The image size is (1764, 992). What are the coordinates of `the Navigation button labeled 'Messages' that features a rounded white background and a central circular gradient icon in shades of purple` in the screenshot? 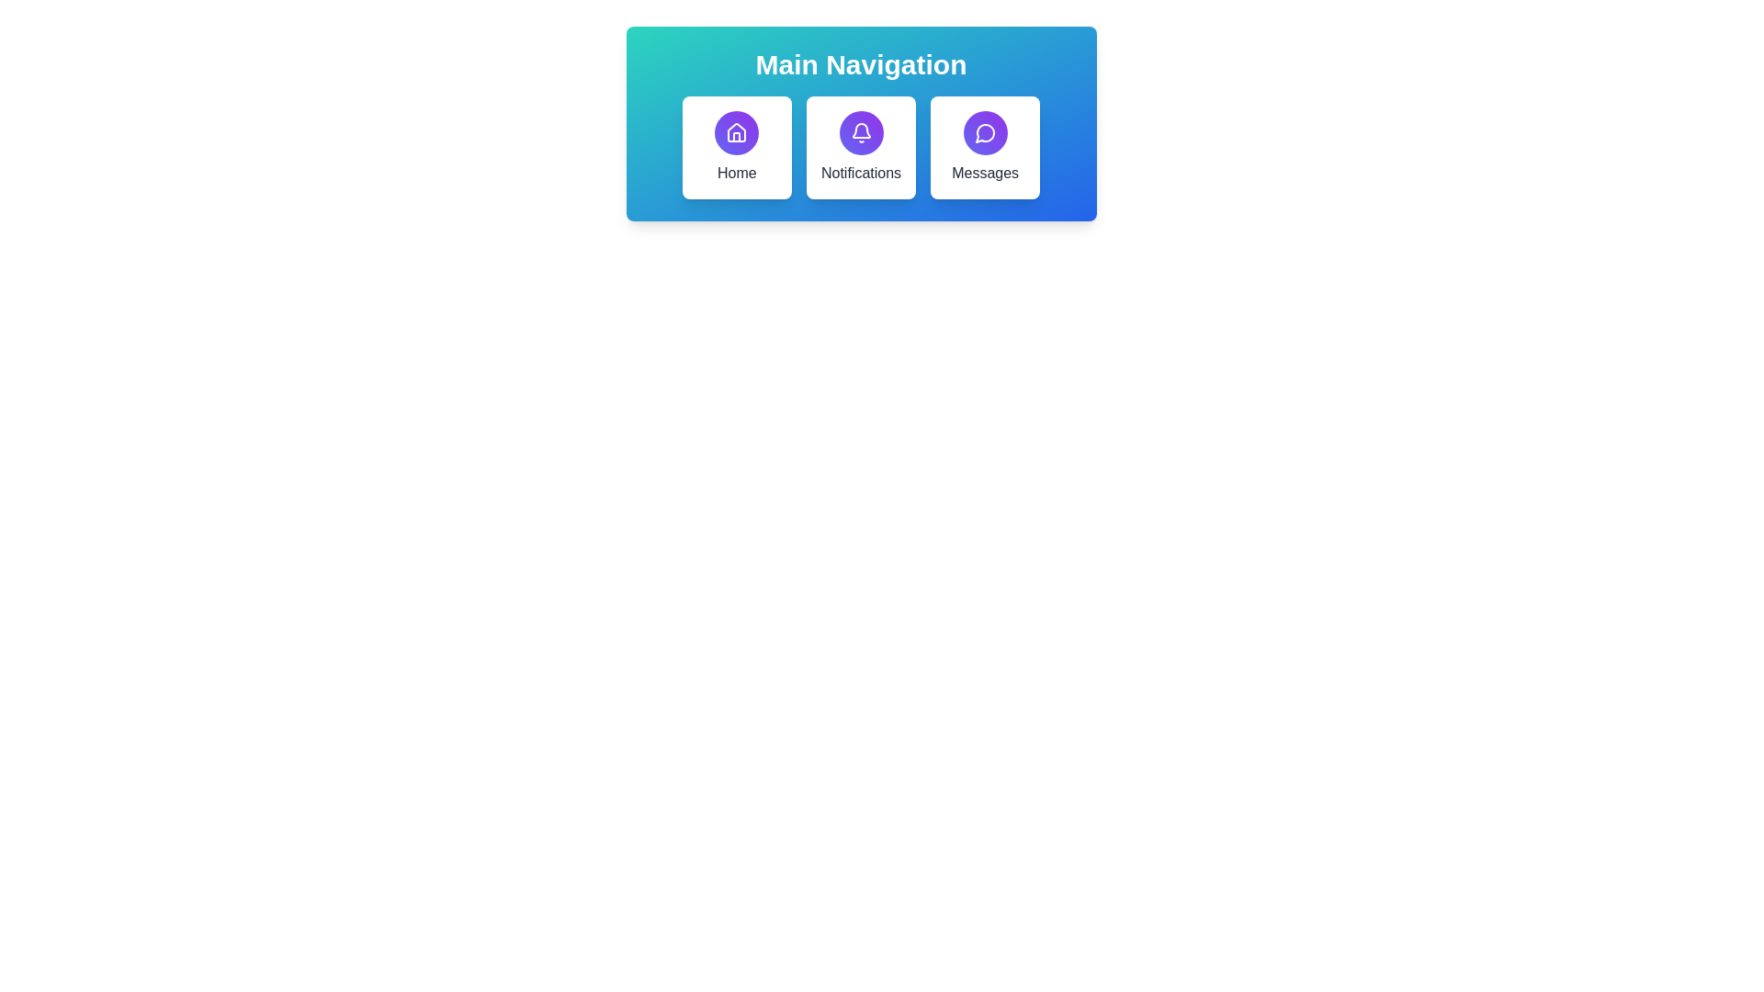 It's located at (984, 147).